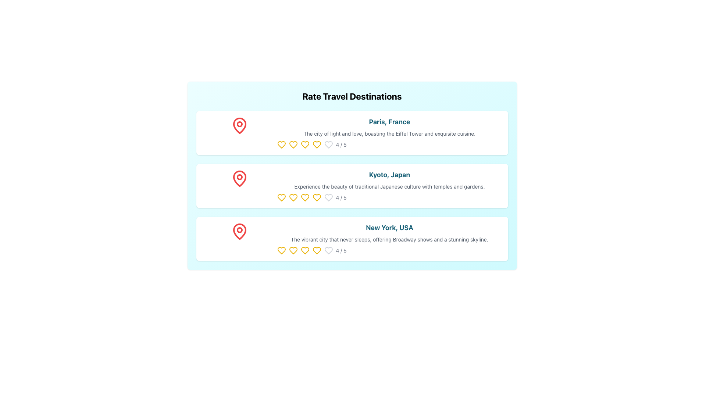 This screenshot has height=397, width=706. What do you see at coordinates (317, 144) in the screenshot?
I see `the fourth heart-shaped interactive rating icon, styled in yellow with a bold outline, located under the 'Paris, France' section to observe styling changes` at bounding box center [317, 144].